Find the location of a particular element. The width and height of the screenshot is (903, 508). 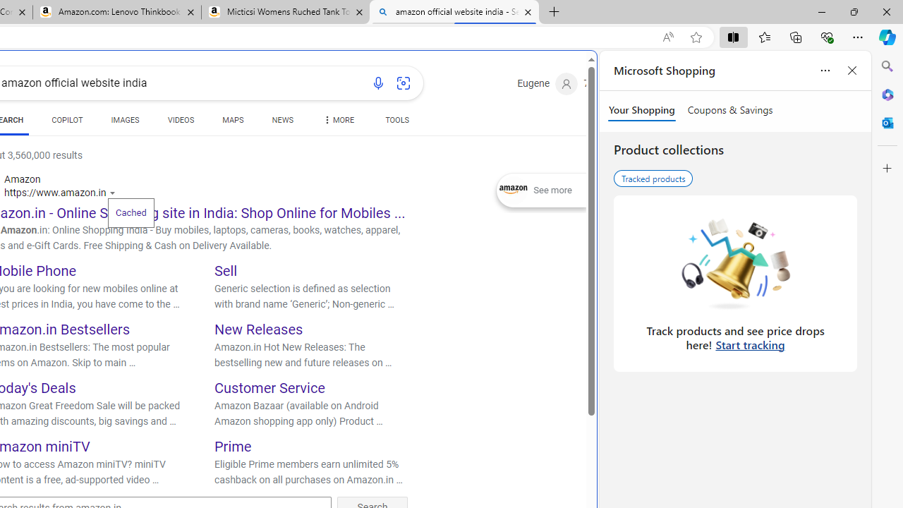

'TOOLS' is located at coordinates (396, 121).